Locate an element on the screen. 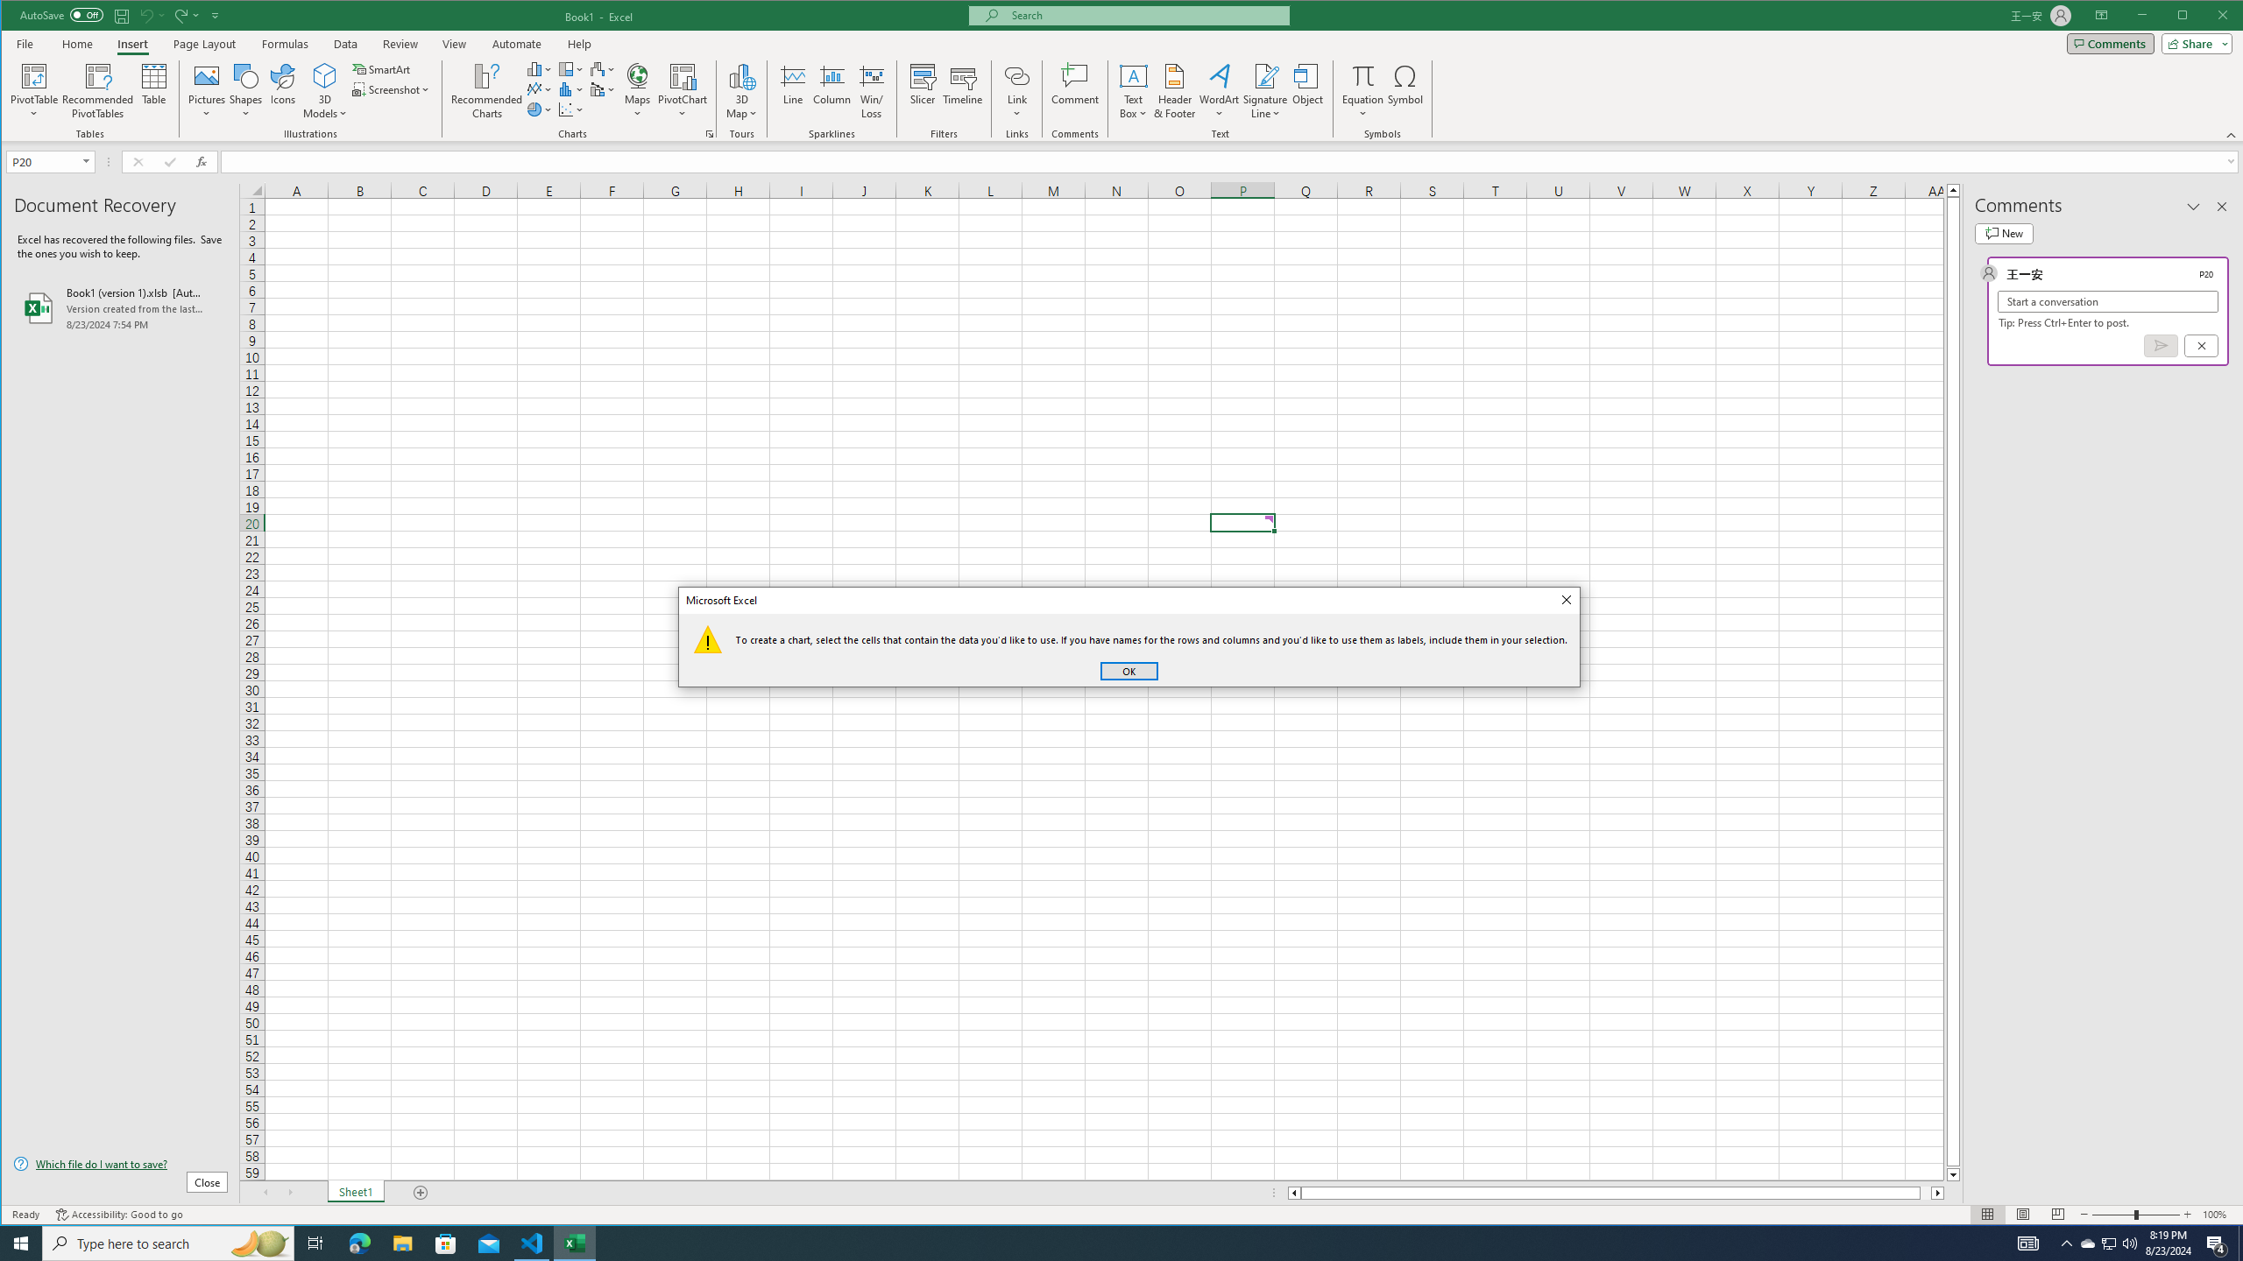 This screenshot has width=2243, height=1261. 'Insert Scatter (X, Y) or Bubble Chart' is located at coordinates (571, 109).